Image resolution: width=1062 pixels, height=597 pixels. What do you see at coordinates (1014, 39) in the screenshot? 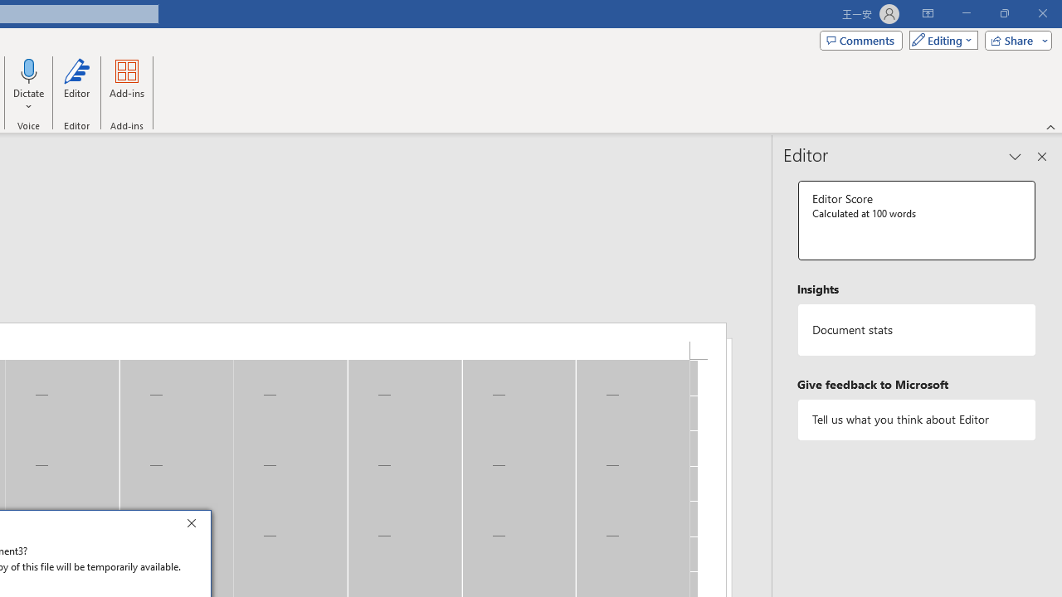
I see `'Share'` at bounding box center [1014, 39].